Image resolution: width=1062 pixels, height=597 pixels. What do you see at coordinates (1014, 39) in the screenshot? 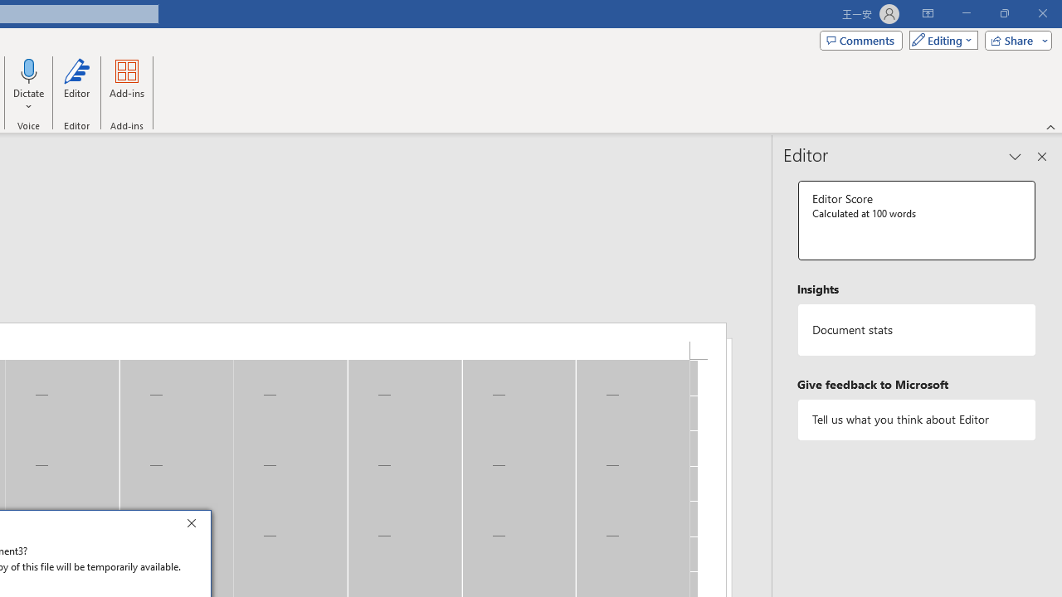
I see `'Share'` at bounding box center [1014, 39].